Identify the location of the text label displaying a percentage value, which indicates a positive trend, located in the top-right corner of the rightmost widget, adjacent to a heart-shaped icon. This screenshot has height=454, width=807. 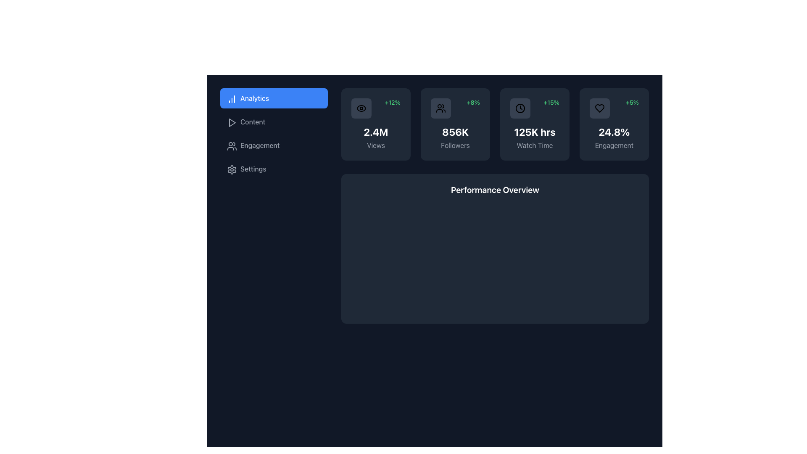
(632, 102).